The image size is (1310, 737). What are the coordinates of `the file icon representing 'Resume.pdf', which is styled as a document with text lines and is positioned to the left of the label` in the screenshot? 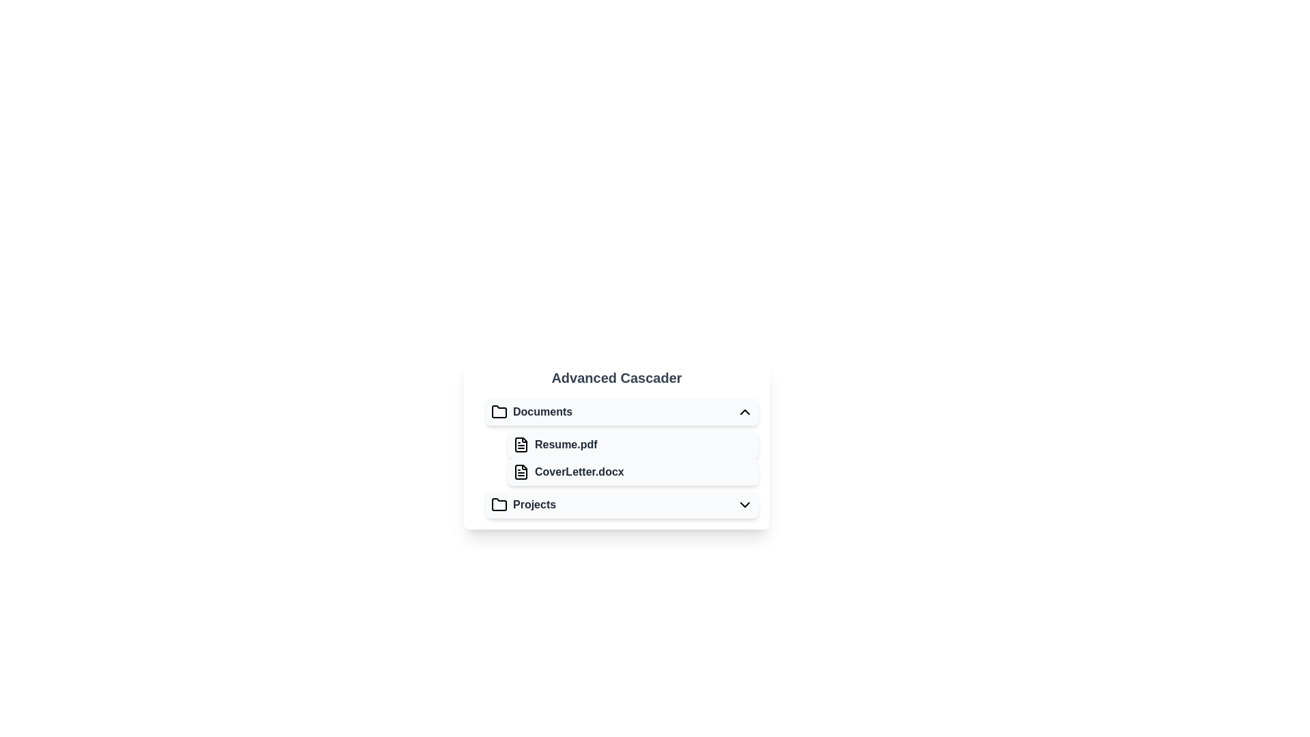 It's located at (520, 444).